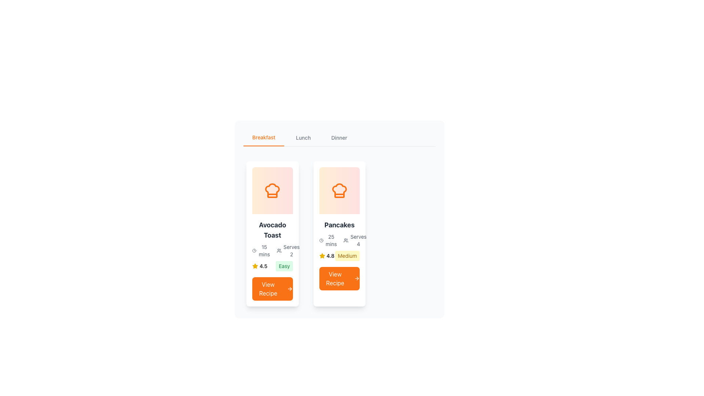 The width and height of the screenshot is (704, 396). Describe the element at coordinates (339, 256) in the screenshot. I see `the rating (4.8) and difficulty level (Medium) displayed in the Combined label and rating display for the 'Pancakes' recipe, which is located above the 'View Recipe' button` at that location.